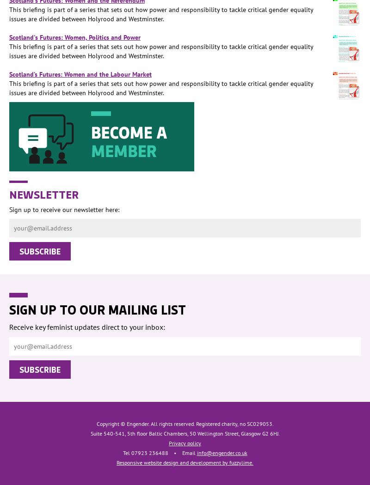 The height and width of the screenshot is (485, 370). Describe the element at coordinates (86, 327) in the screenshot. I see `'Receive key feminist updates direct to your inbox:'` at that location.